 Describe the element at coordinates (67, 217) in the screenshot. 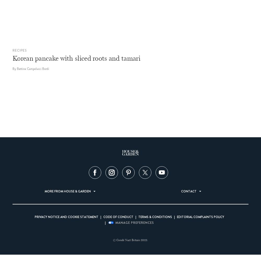

I see `'Privacy notice and cookie statement'` at that location.